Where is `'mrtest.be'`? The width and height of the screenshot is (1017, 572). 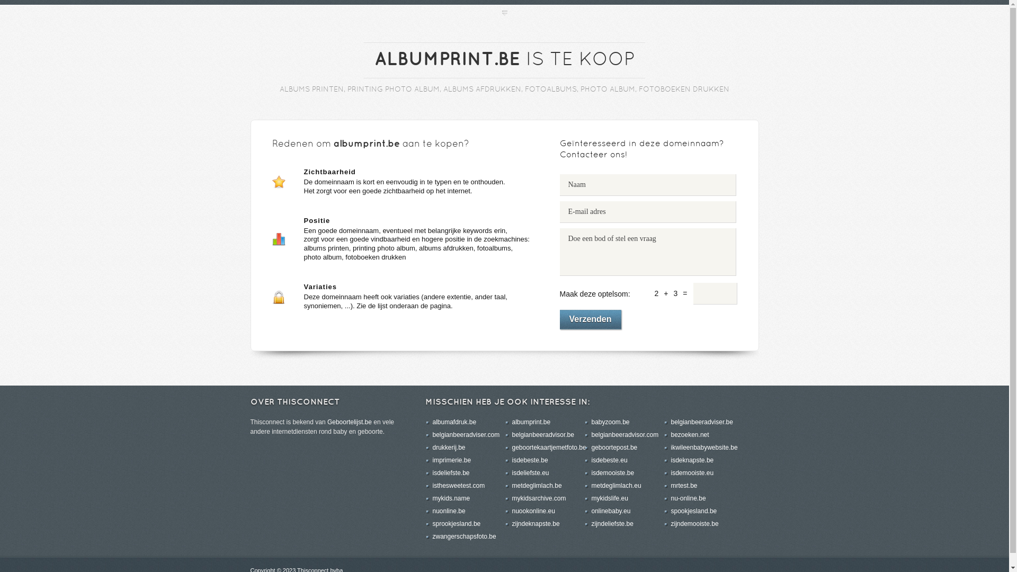
'mrtest.be' is located at coordinates (684, 486).